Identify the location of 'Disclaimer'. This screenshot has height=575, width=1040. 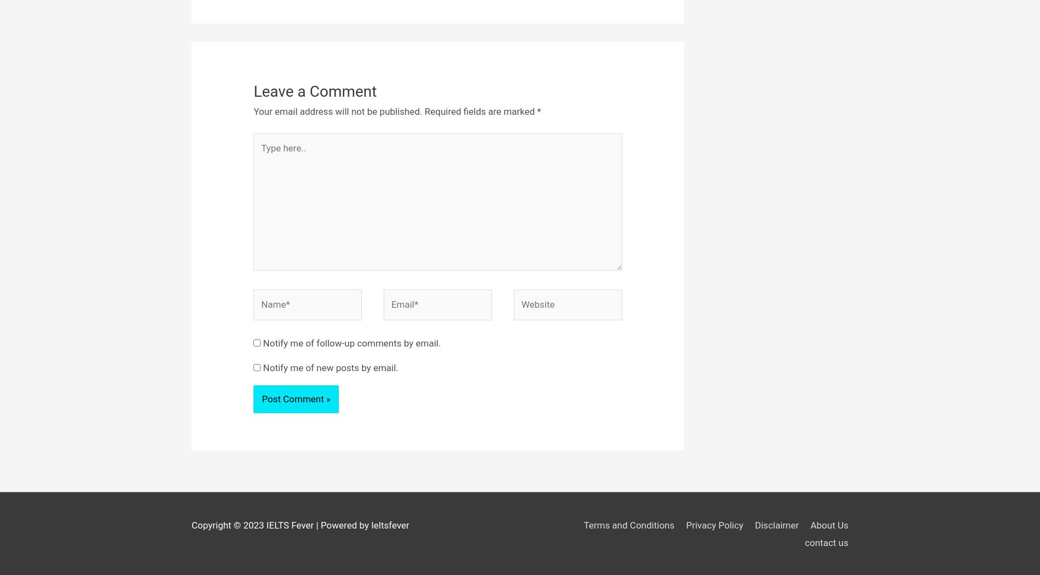
(776, 525).